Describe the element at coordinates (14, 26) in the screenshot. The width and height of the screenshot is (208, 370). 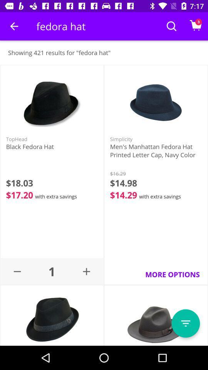
I see `the icon to the left of the fedora hat item` at that location.